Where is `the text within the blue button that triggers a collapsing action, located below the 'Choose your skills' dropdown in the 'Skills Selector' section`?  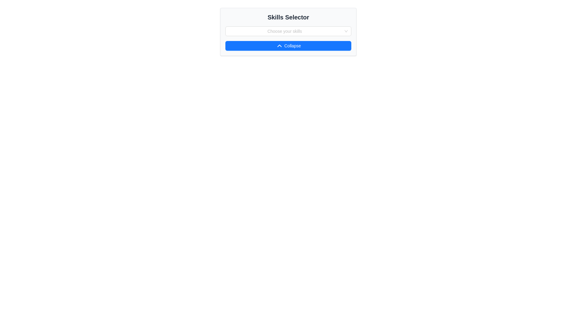
the text within the blue button that triggers a collapsing action, located below the 'Choose your skills' dropdown in the 'Skills Selector' section is located at coordinates (292, 45).